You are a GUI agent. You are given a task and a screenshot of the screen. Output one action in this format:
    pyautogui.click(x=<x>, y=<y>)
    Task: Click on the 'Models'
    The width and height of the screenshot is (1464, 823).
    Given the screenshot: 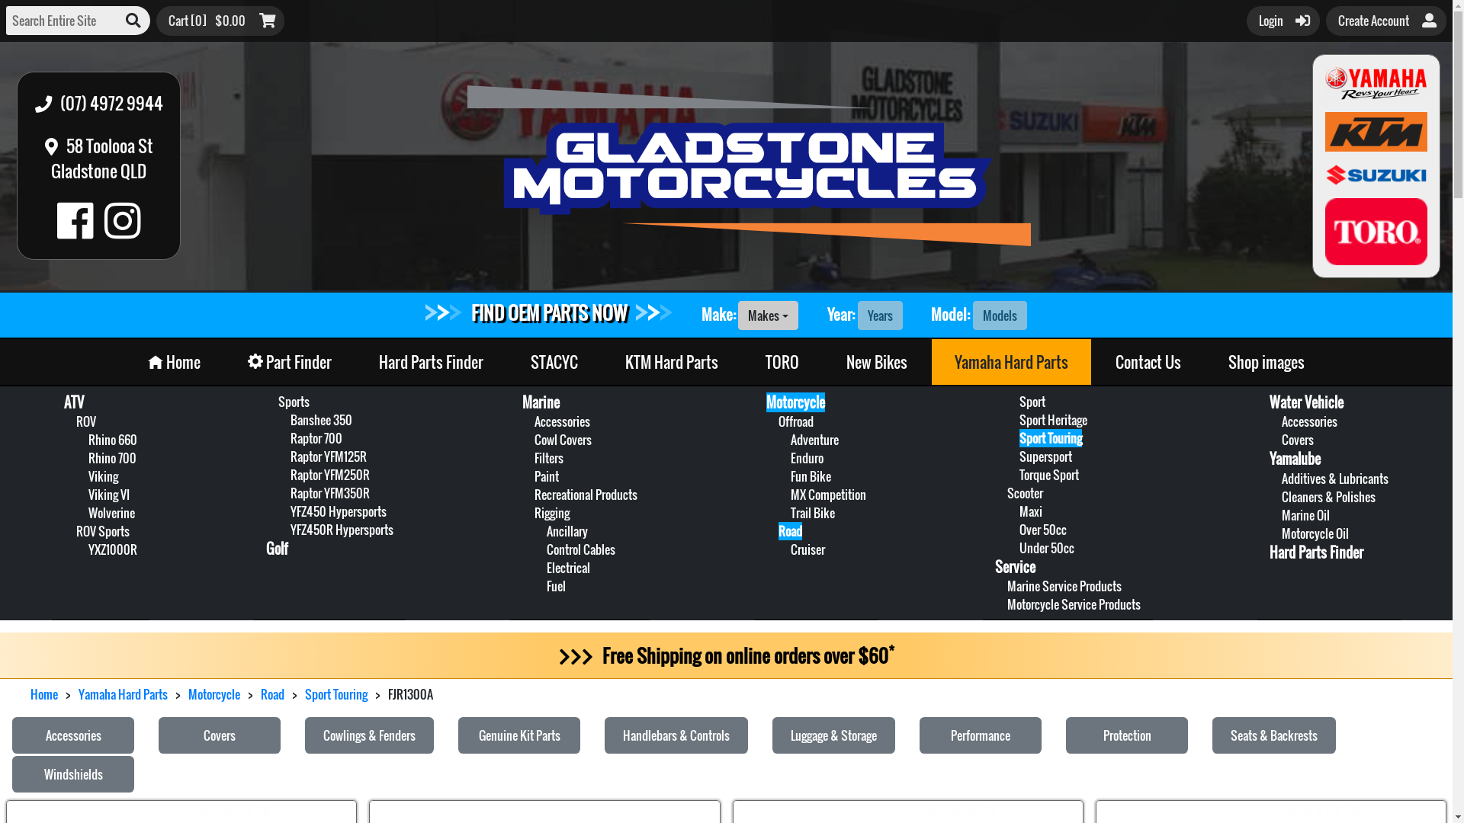 What is the action you would take?
    pyautogui.click(x=1000, y=314)
    